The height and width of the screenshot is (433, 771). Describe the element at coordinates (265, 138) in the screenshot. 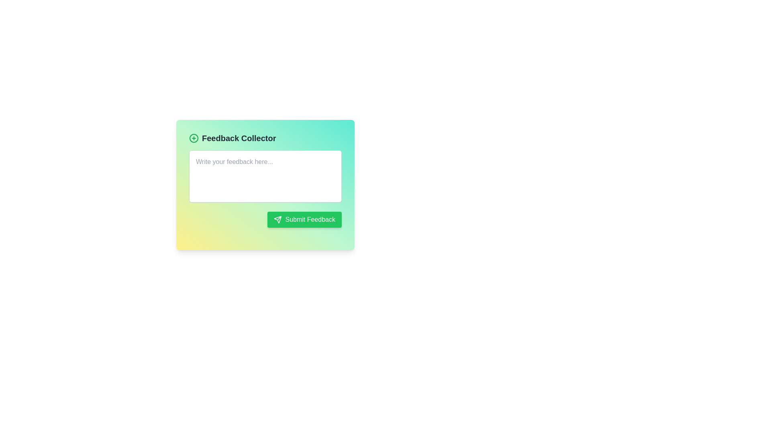

I see `text from the title or header of the feedback submission interface, which is a Text Label located at the top of the panel, aligned with a green circular plus icon to its left` at that location.